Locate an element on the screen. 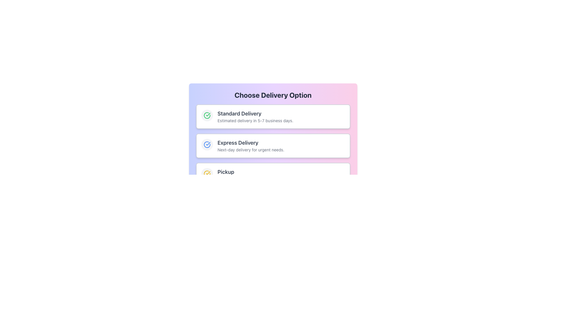 The height and width of the screenshot is (315, 561). the green circular icon with a check mark inside it, which is part of the 'Standard Delivery' list item in the 'Choose Delivery Option' card is located at coordinates (207, 116).